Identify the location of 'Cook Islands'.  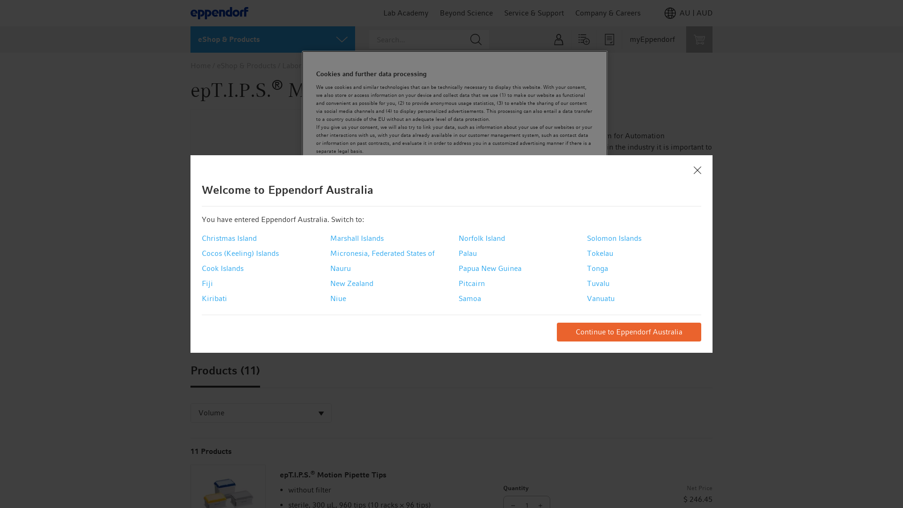
(222, 268).